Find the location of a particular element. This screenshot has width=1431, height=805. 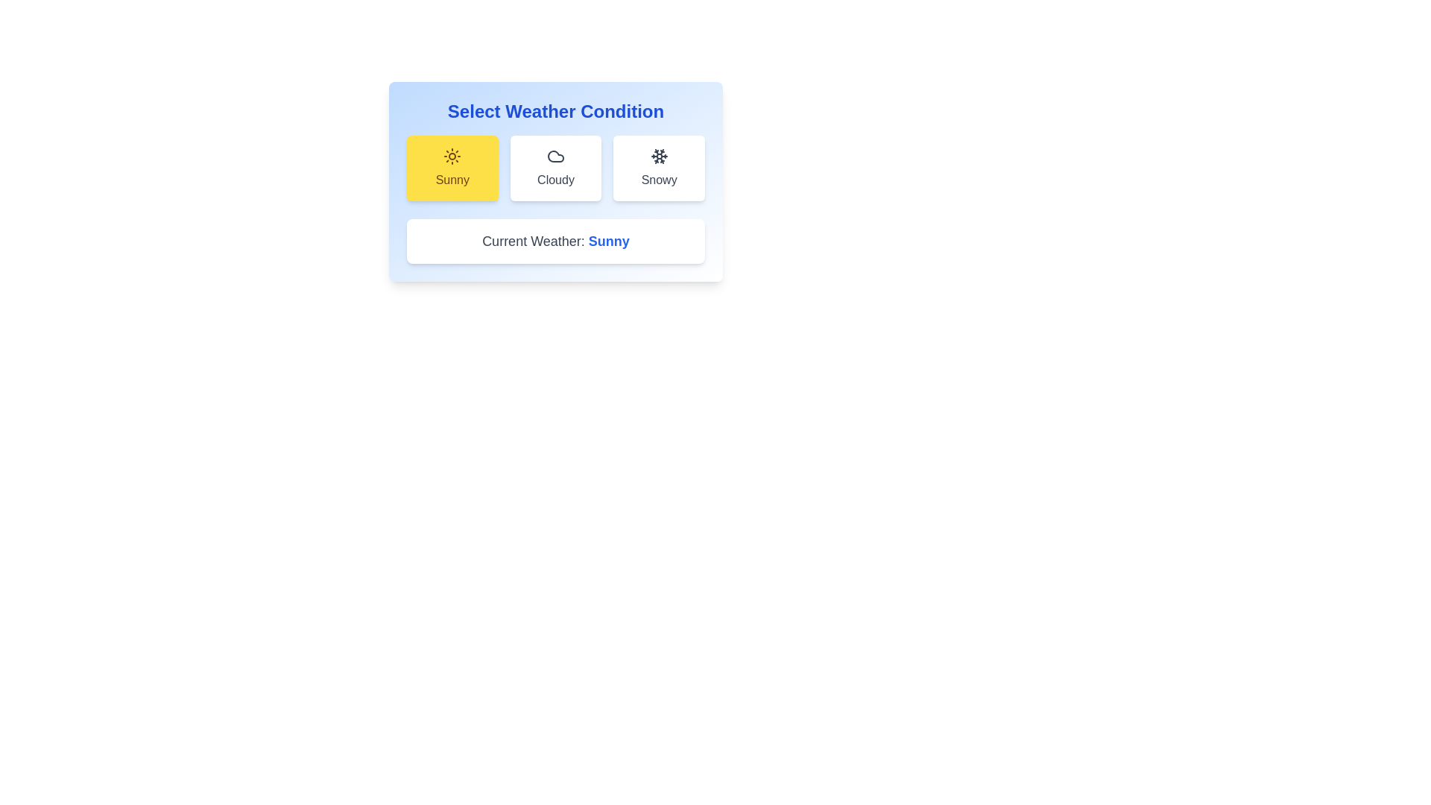

the inner shape of the cloud icon in the 'Cloudy' weather selection button, which is the second button from the left in the row of three buttons below the header text 'Select Weather Condition' is located at coordinates (555, 156).